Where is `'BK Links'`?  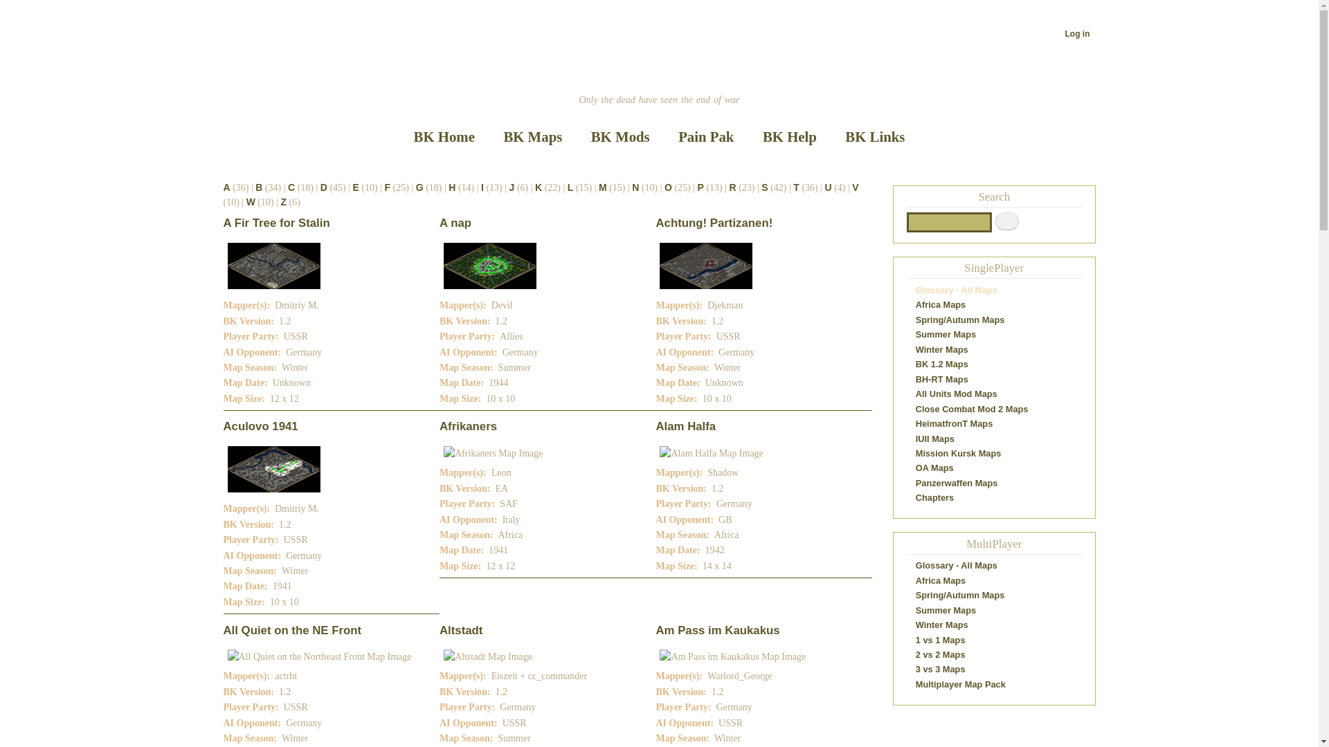 'BK Links' is located at coordinates (832, 136).